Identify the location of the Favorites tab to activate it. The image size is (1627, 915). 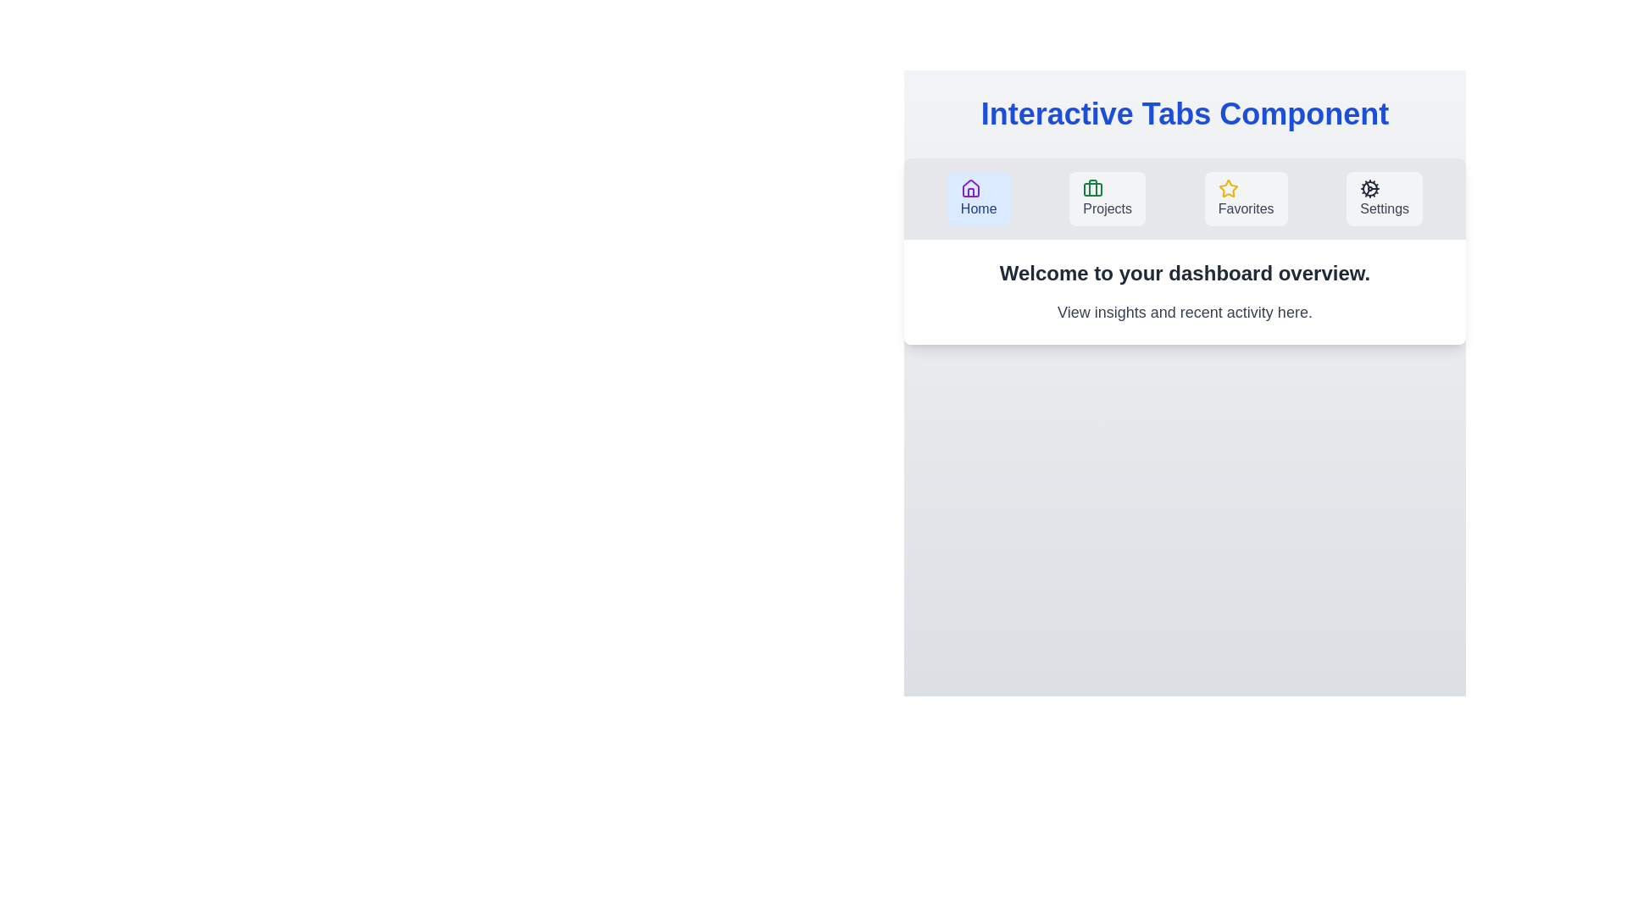
(1246, 198).